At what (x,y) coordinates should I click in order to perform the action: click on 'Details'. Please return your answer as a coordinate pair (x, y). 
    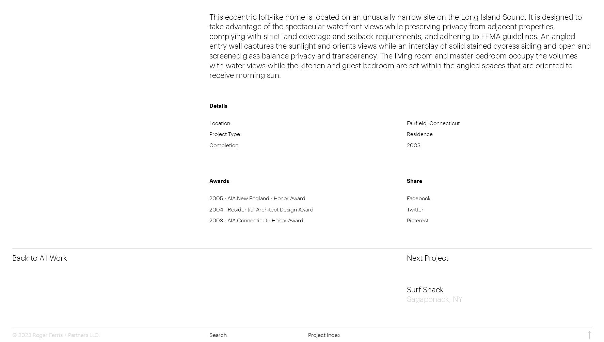
    Looking at the image, I should click on (218, 105).